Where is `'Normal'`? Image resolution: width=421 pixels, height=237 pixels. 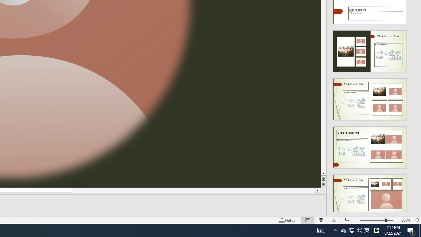
'Normal' is located at coordinates (308, 220).